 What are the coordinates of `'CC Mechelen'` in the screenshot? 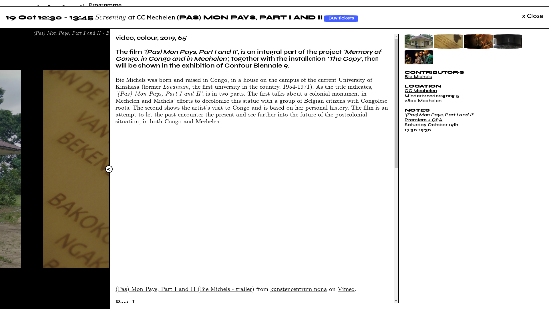 It's located at (404, 90).